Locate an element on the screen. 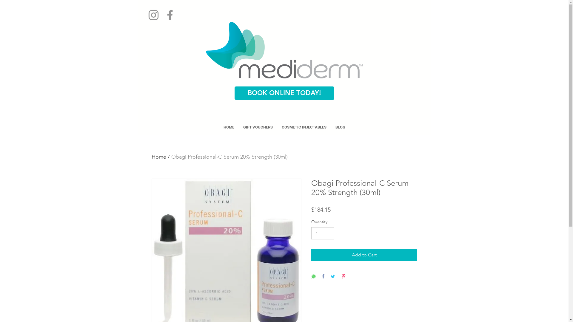 This screenshot has height=322, width=573. 'Home' is located at coordinates (159, 156).